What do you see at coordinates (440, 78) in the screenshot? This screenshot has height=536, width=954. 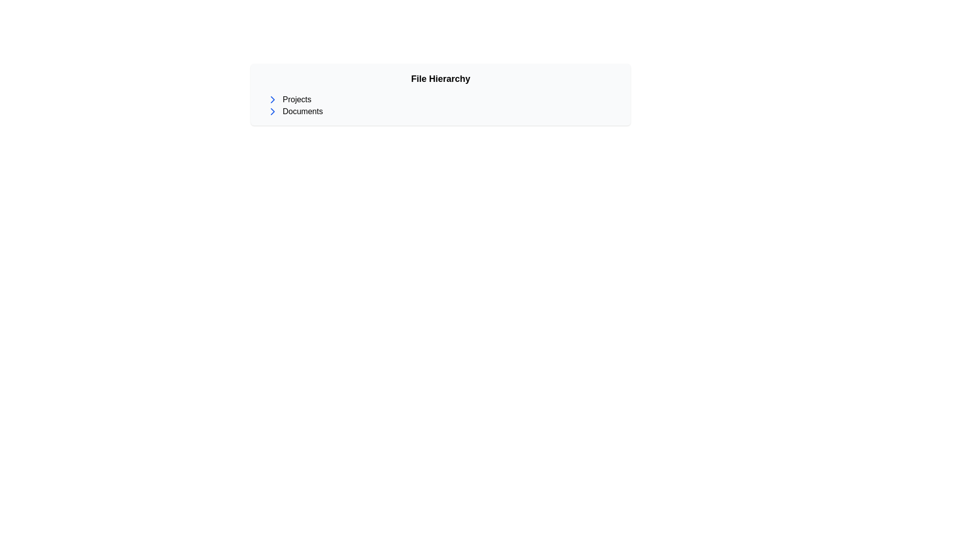 I see `the 'File Hierarchy' text label, which is a bold title positioned at the top of the panel` at bounding box center [440, 78].